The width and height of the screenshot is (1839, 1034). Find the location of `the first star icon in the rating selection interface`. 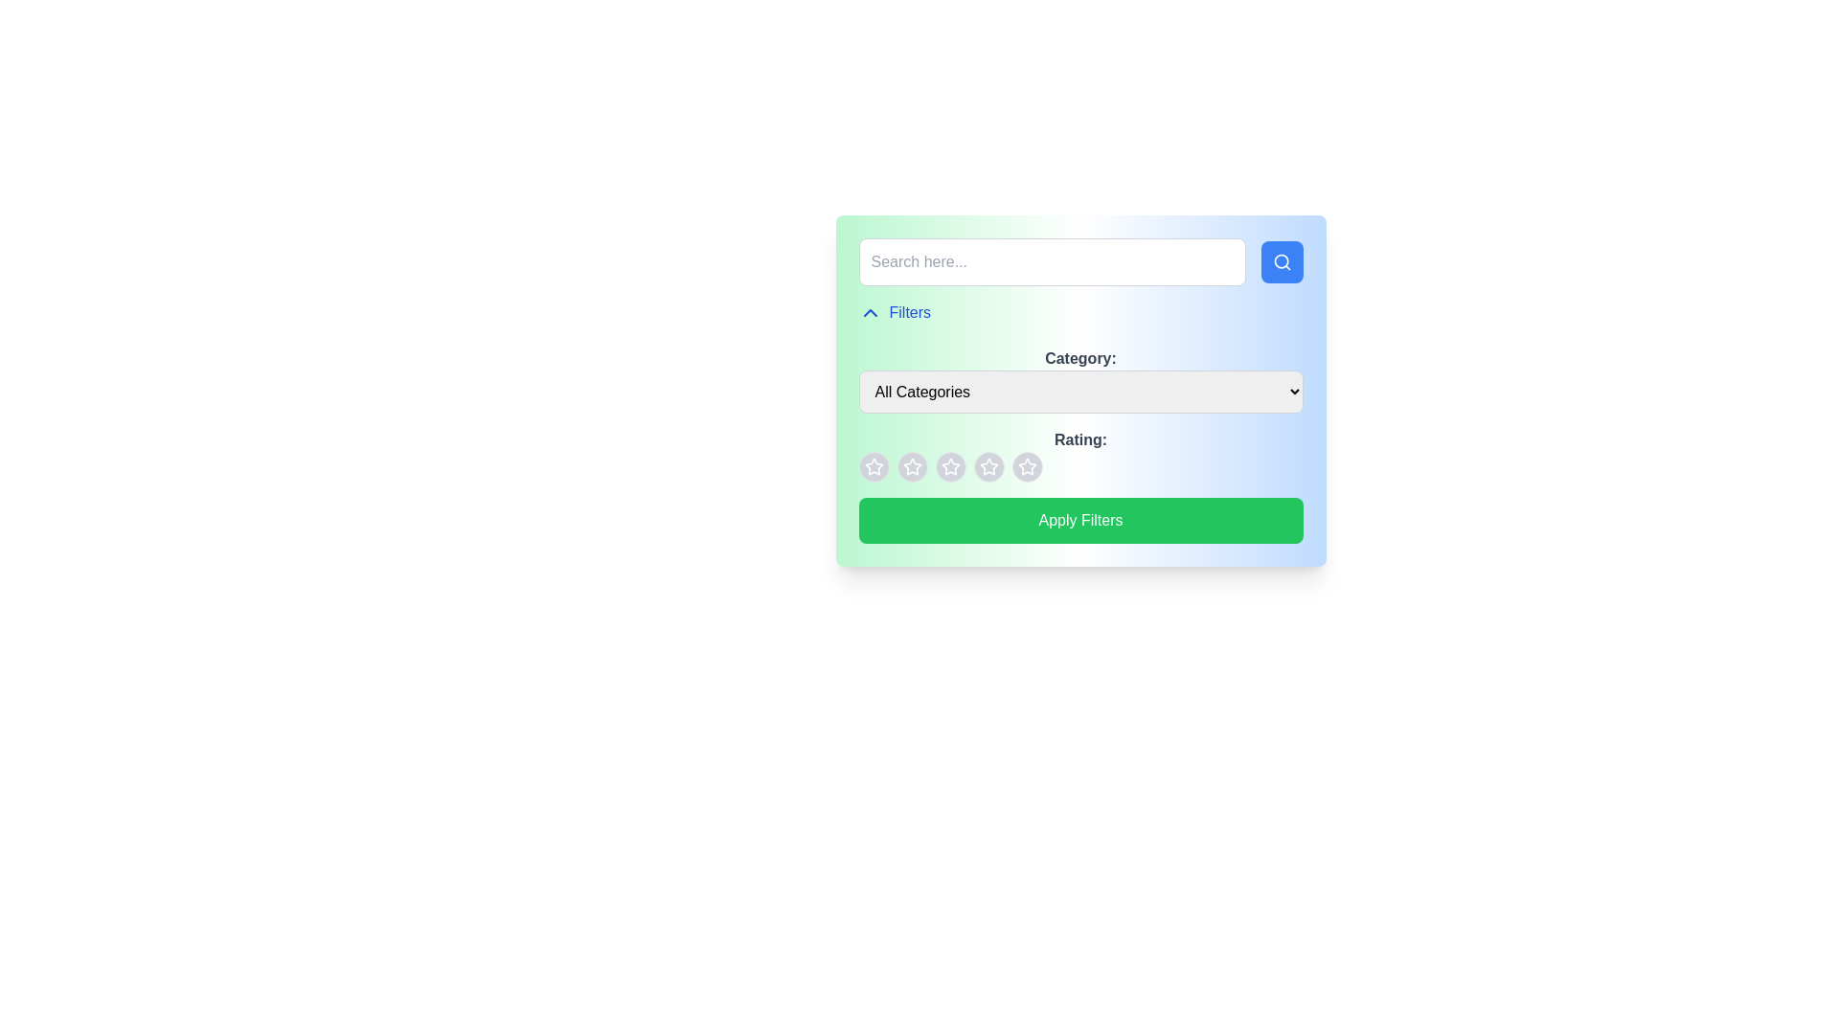

the first star icon in the rating selection interface is located at coordinates (873, 466).